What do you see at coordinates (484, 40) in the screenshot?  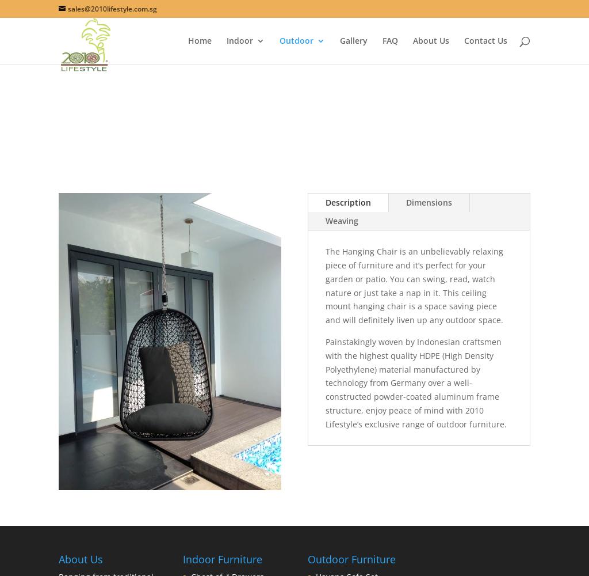 I see `'Contact Us'` at bounding box center [484, 40].